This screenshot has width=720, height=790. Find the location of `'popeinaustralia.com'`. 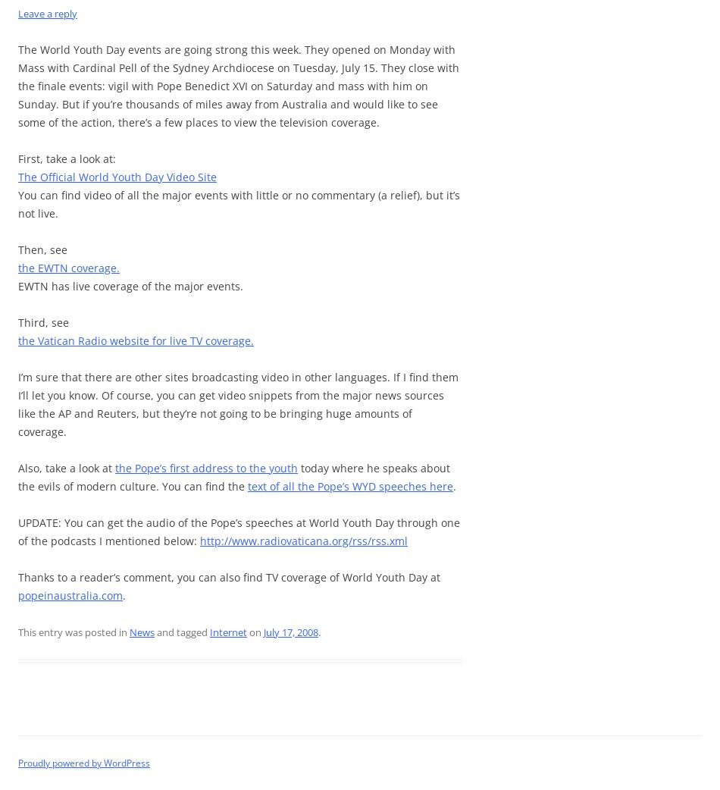

'popeinaustralia.com' is located at coordinates (70, 595).